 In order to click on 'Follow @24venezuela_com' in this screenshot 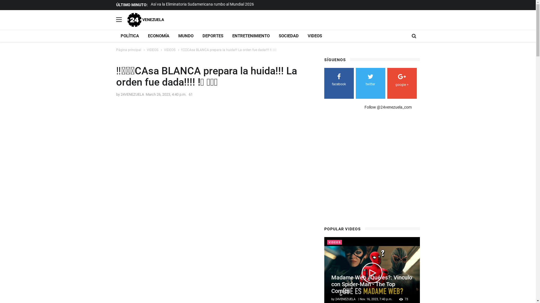, I will do `click(388, 107)`.